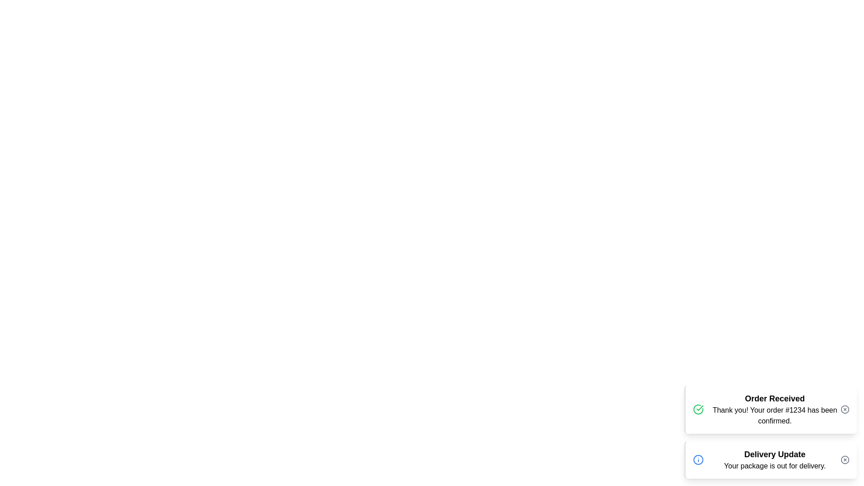 The width and height of the screenshot is (864, 486). I want to click on close button of the notification with title Order Received, so click(844, 409).